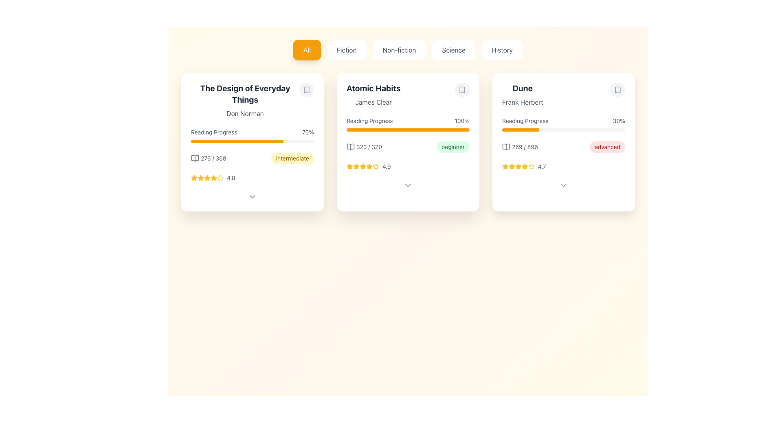  I want to click on the 'All' button, which is the first button in a group of category selectors located at the top-center of the interface, to observe any hover effects, so click(306, 50).